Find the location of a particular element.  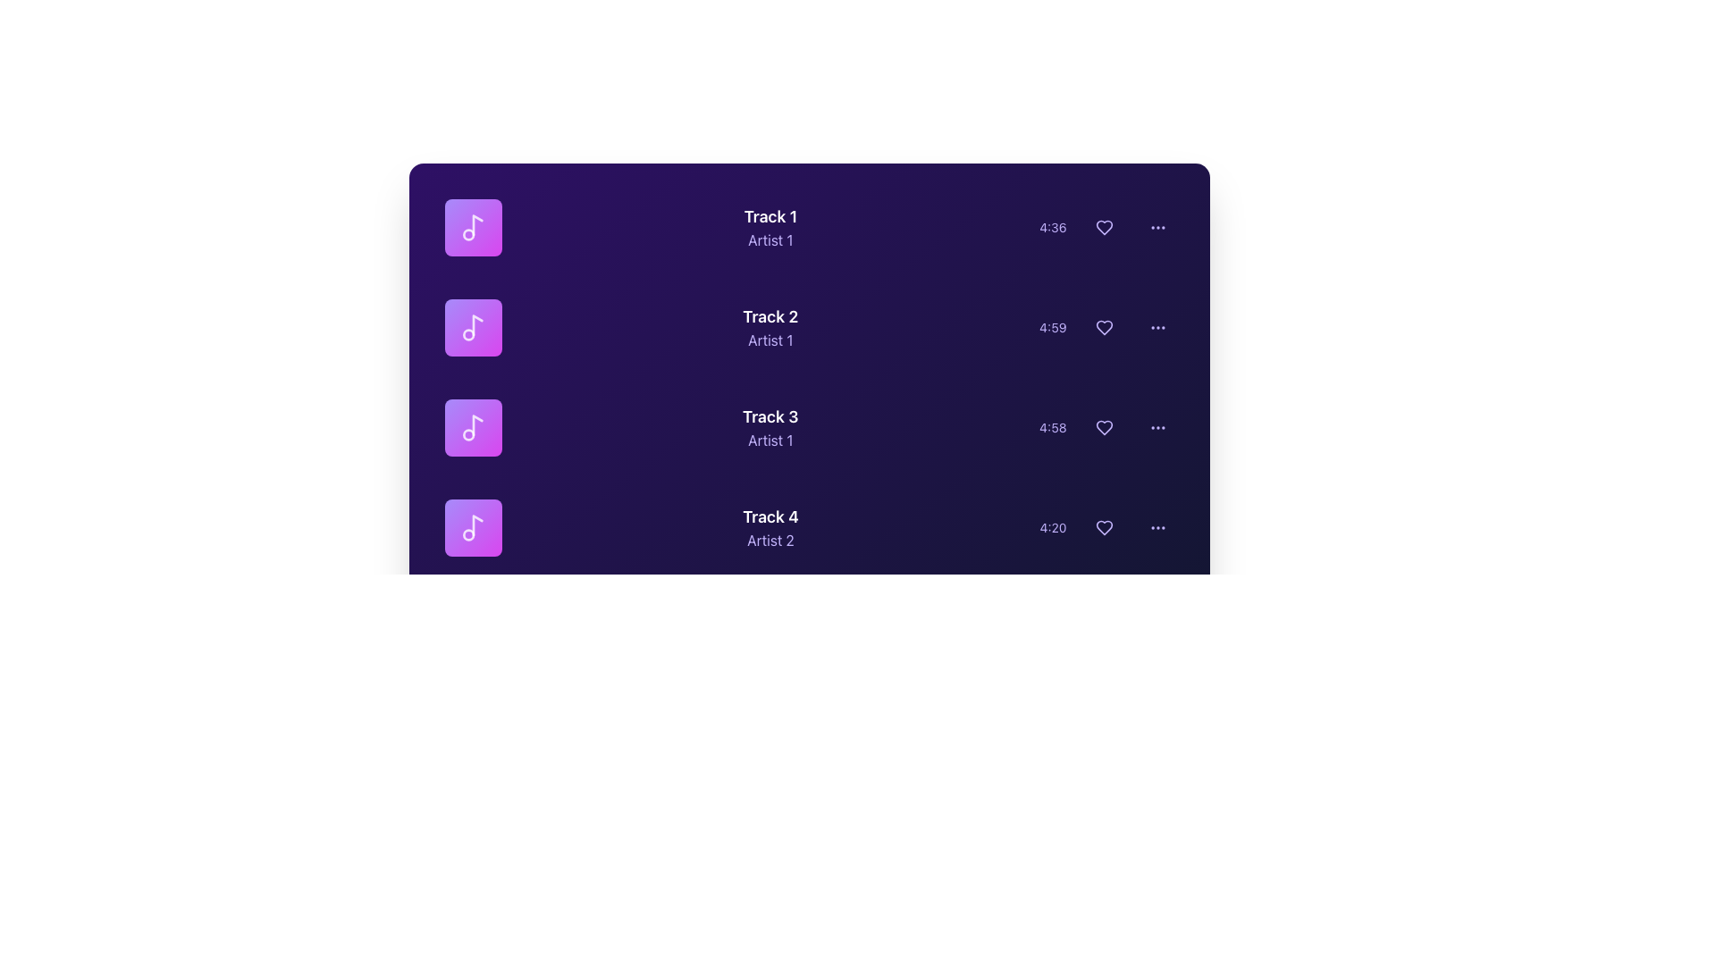

the main title of the first track in the list, which serves as an identifier for the track and is located in the upper-left section of the interface is located at coordinates (770, 216).